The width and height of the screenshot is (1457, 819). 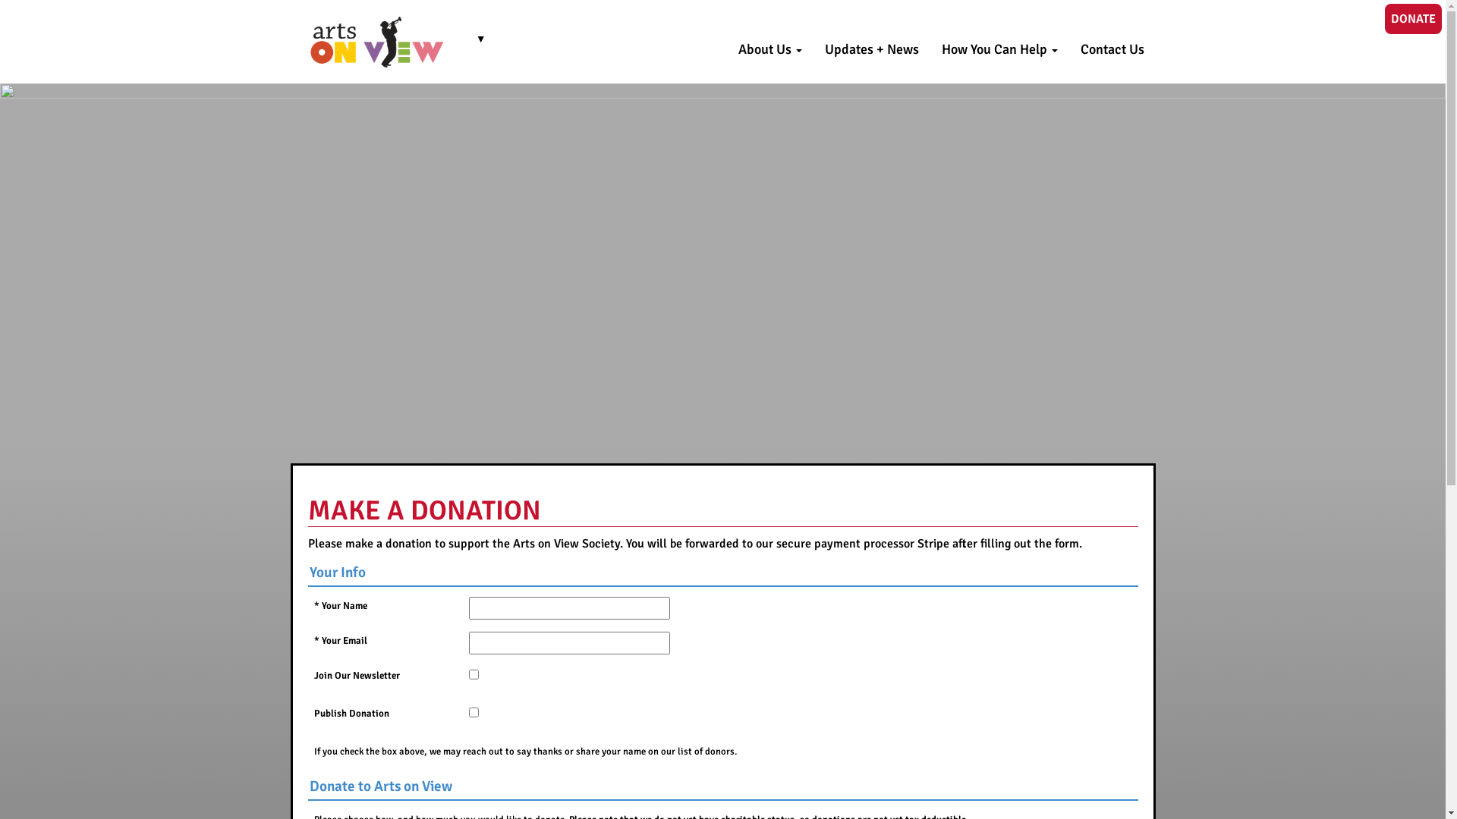 What do you see at coordinates (1067, 49) in the screenshot?
I see `'Contact Us'` at bounding box center [1067, 49].